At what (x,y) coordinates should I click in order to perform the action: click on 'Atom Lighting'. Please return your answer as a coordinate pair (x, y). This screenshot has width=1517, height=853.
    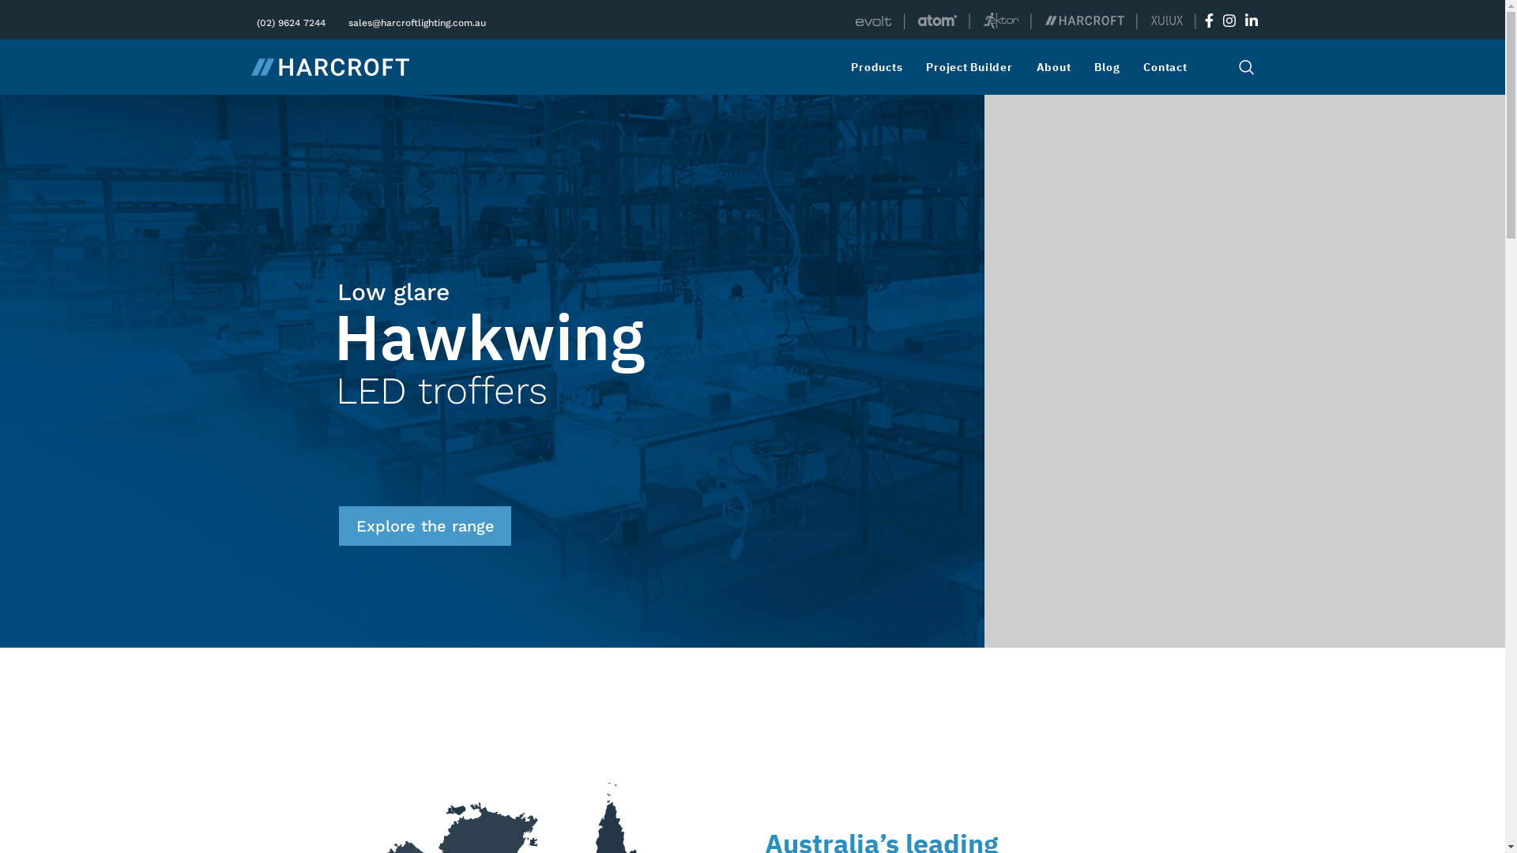
    Looking at the image, I should click on (936, 21).